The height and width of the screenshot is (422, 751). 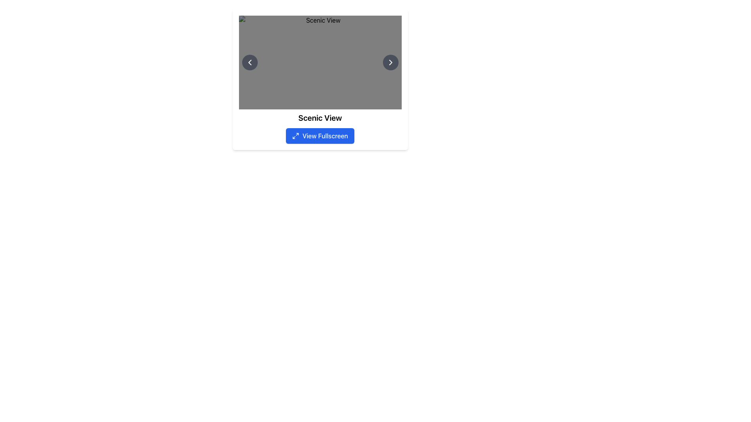 I want to click on the small right-facing chevron icon with a white stroke located at the center of the circular button on the right side of the 'Scenic View' gray area, so click(x=390, y=62).